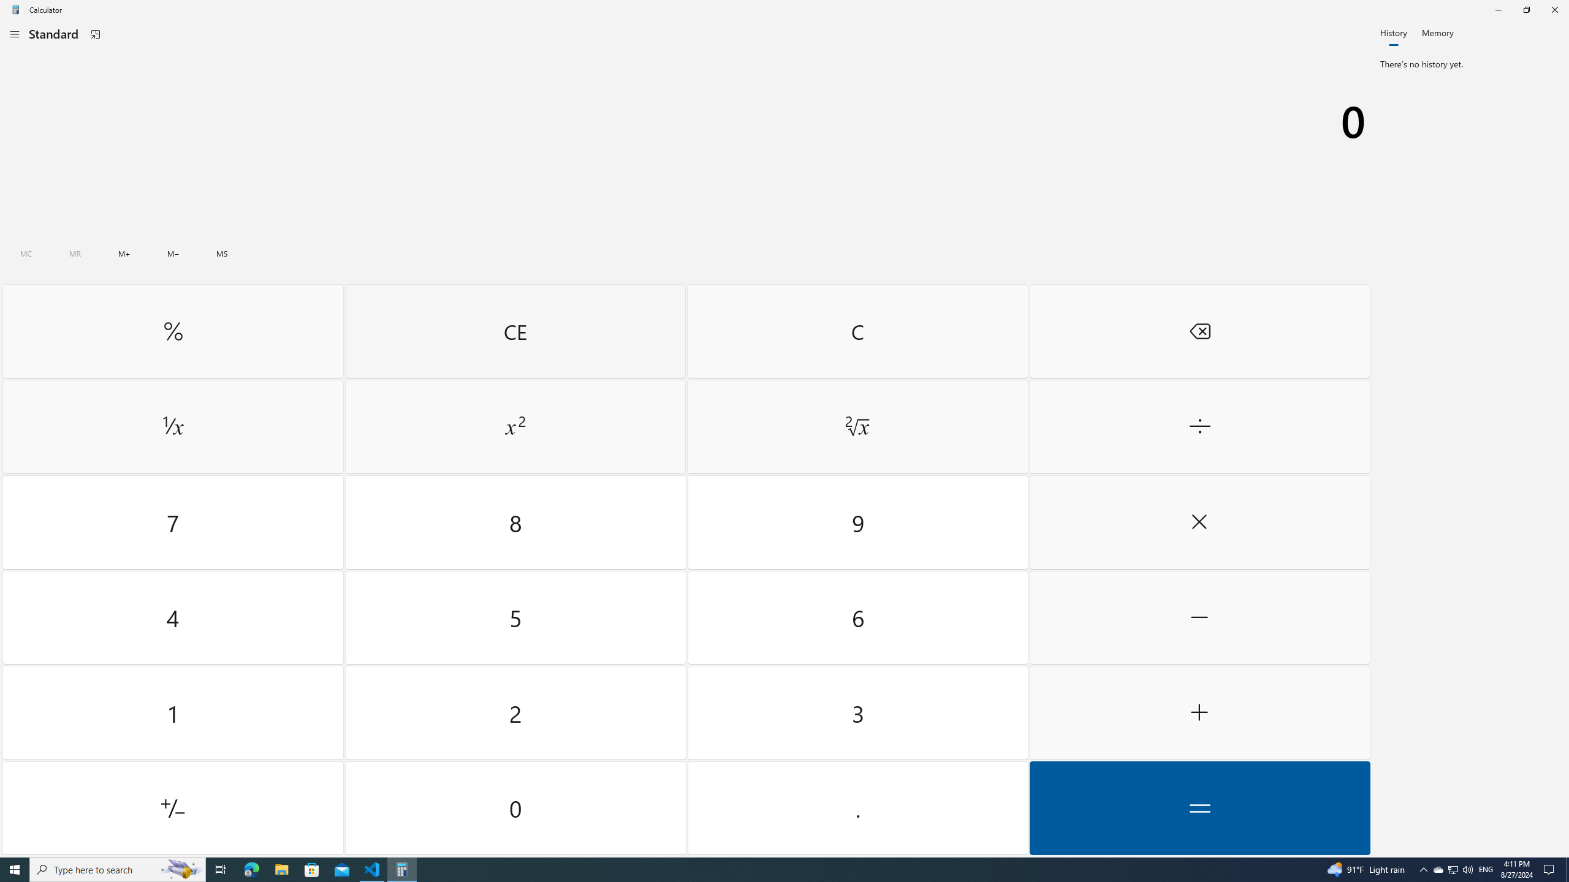 Image resolution: width=1569 pixels, height=882 pixels. Describe the element at coordinates (222, 253) in the screenshot. I see `'Memory store'` at that location.